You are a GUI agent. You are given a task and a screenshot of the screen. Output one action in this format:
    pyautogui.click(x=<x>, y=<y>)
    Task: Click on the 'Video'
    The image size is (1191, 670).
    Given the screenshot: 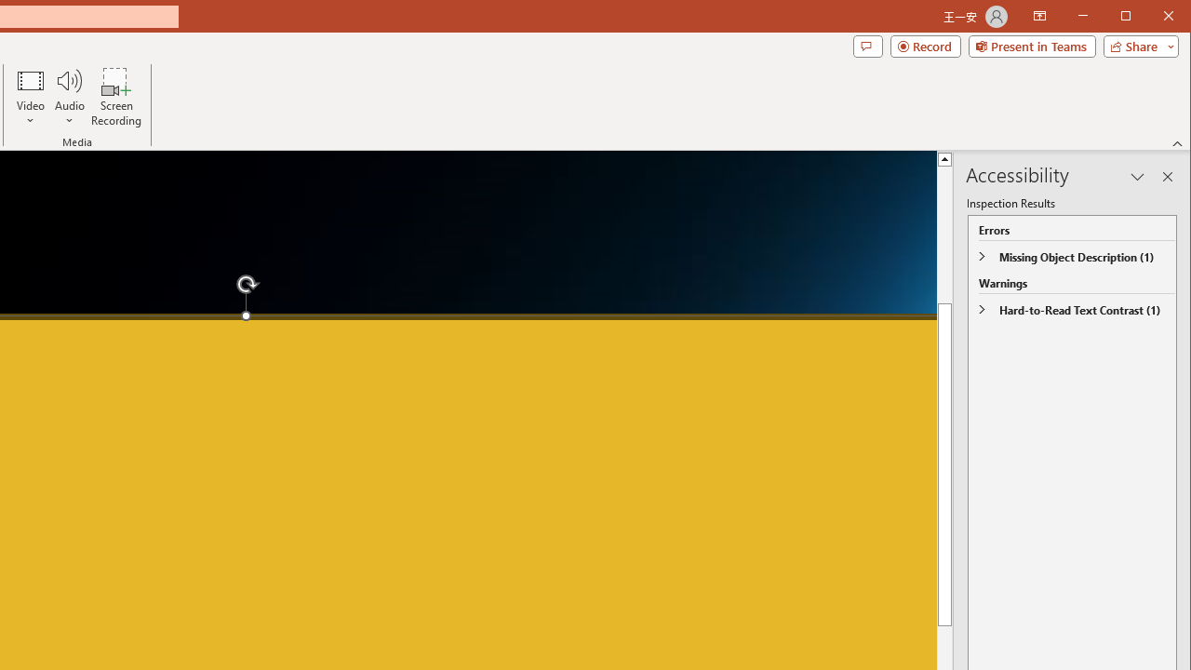 What is the action you would take?
    pyautogui.click(x=30, y=97)
    